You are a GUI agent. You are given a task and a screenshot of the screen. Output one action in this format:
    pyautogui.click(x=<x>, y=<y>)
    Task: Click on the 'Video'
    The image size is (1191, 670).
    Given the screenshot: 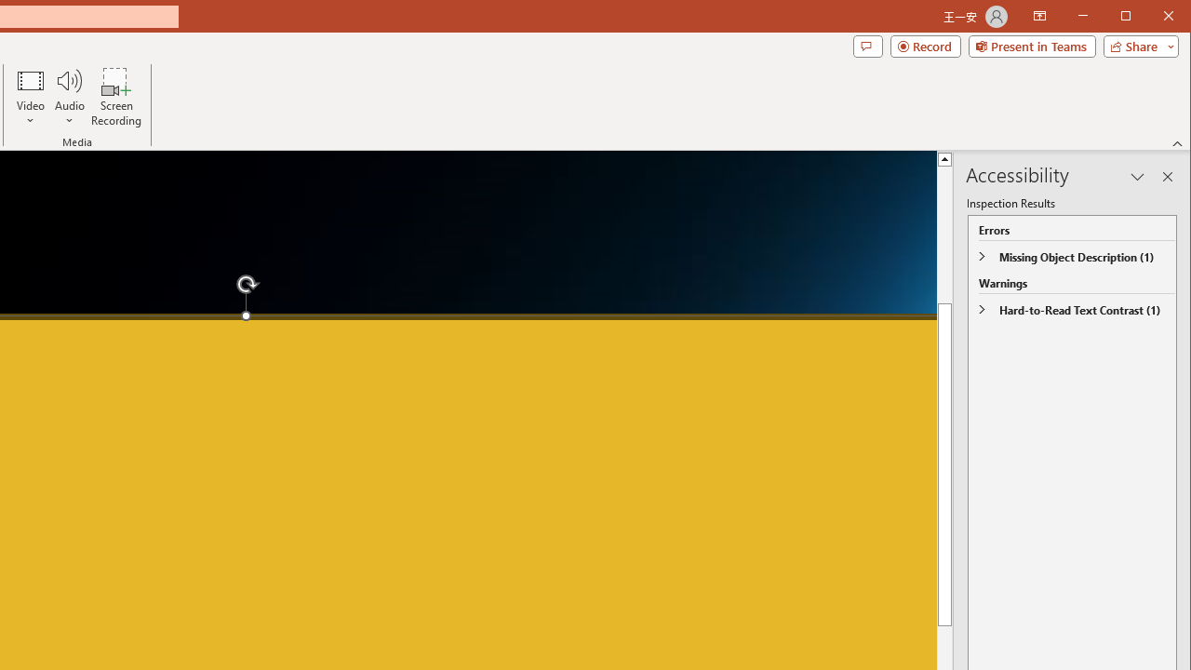 What is the action you would take?
    pyautogui.click(x=30, y=97)
    